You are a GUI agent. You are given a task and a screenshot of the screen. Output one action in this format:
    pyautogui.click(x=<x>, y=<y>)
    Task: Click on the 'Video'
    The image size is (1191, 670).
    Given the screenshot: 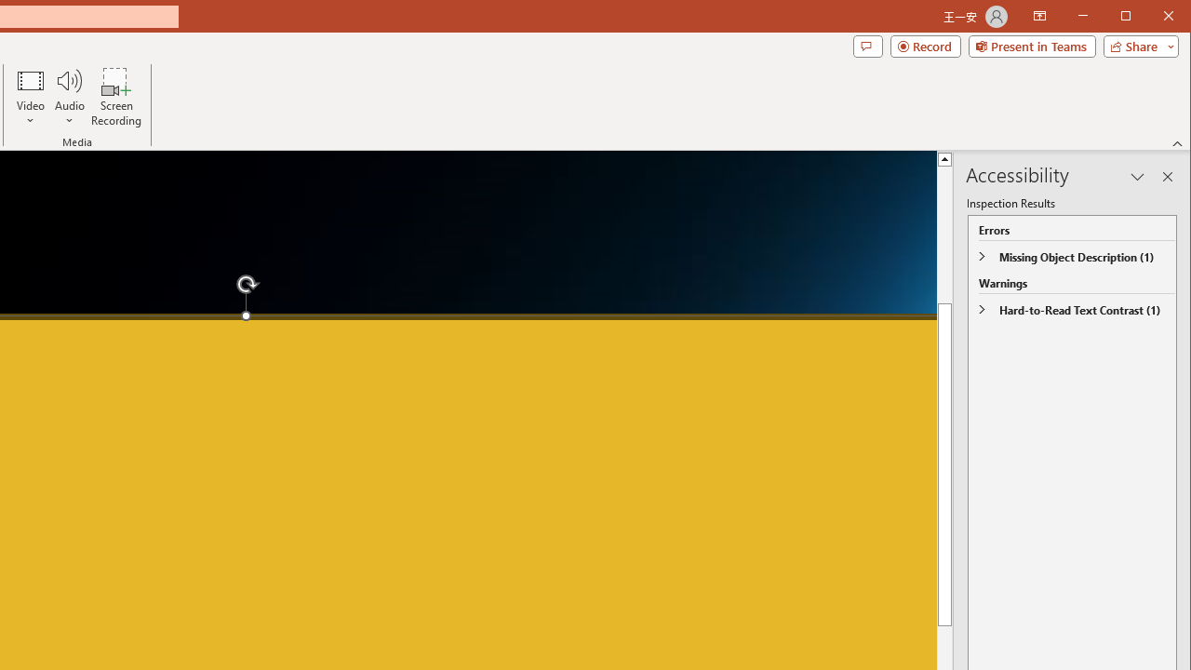 What is the action you would take?
    pyautogui.click(x=30, y=97)
    